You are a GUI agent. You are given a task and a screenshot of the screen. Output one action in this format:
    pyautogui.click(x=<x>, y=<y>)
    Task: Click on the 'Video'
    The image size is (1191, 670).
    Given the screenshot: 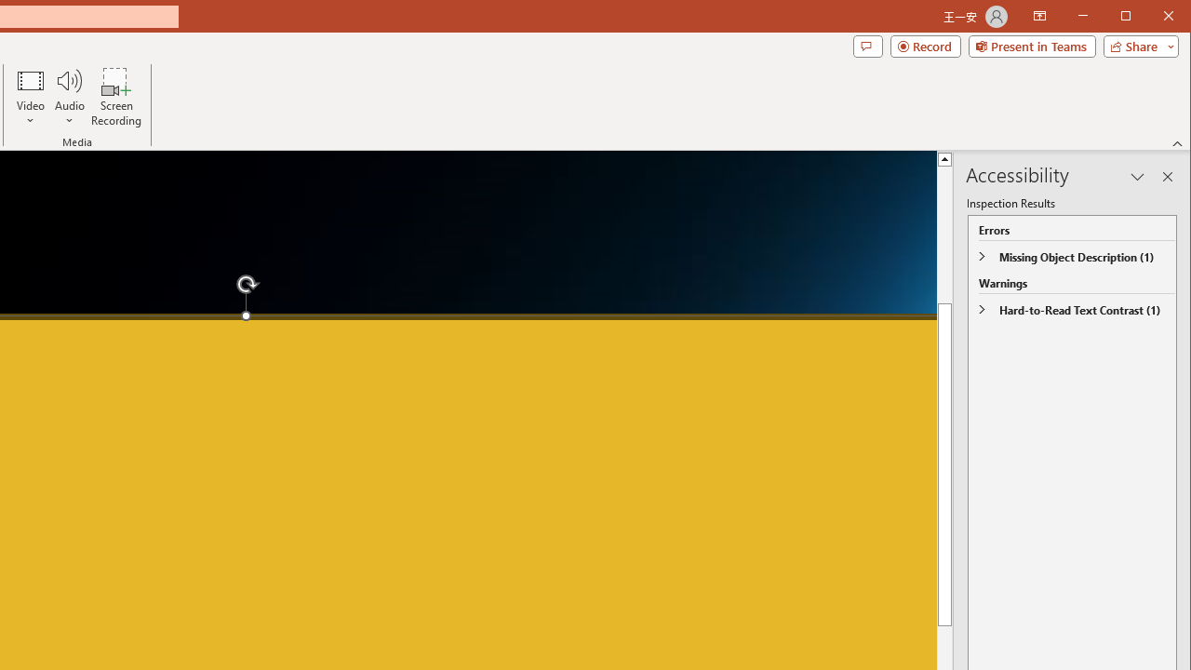 What is the action you would take?
    pyautogui.click(x=30, y=97)
    